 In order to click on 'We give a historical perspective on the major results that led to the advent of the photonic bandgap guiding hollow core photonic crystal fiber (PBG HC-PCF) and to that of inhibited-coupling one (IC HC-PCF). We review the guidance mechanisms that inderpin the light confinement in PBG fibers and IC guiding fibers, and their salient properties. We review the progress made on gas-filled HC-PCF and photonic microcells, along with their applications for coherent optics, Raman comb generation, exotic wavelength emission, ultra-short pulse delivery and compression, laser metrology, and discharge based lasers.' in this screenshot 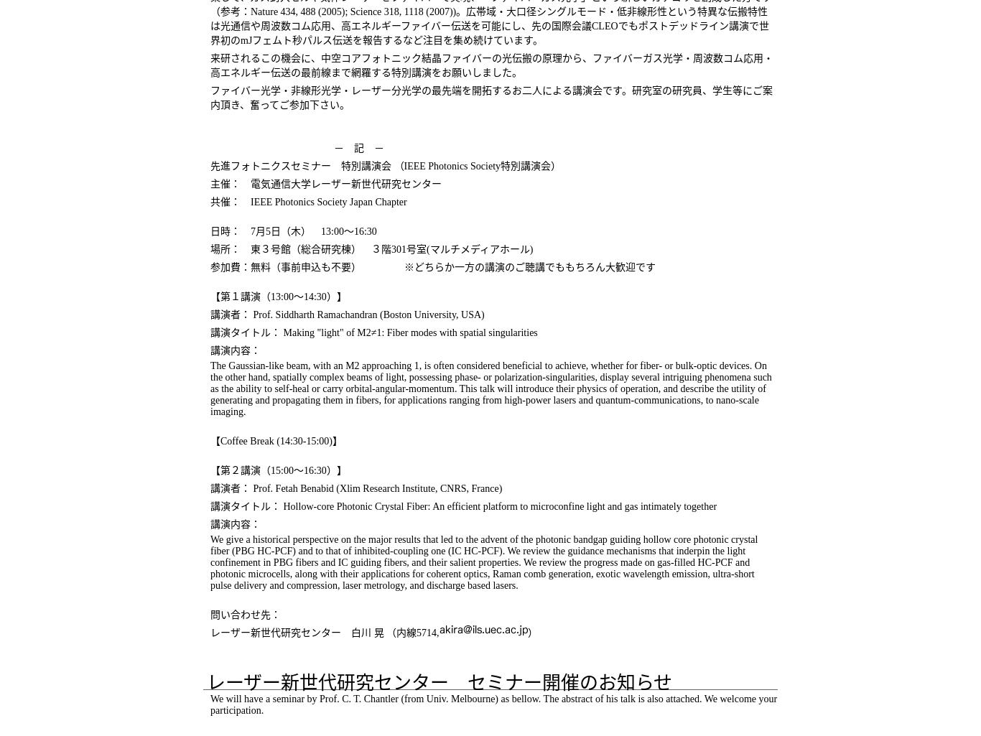, I will do `click(483, 562)`.